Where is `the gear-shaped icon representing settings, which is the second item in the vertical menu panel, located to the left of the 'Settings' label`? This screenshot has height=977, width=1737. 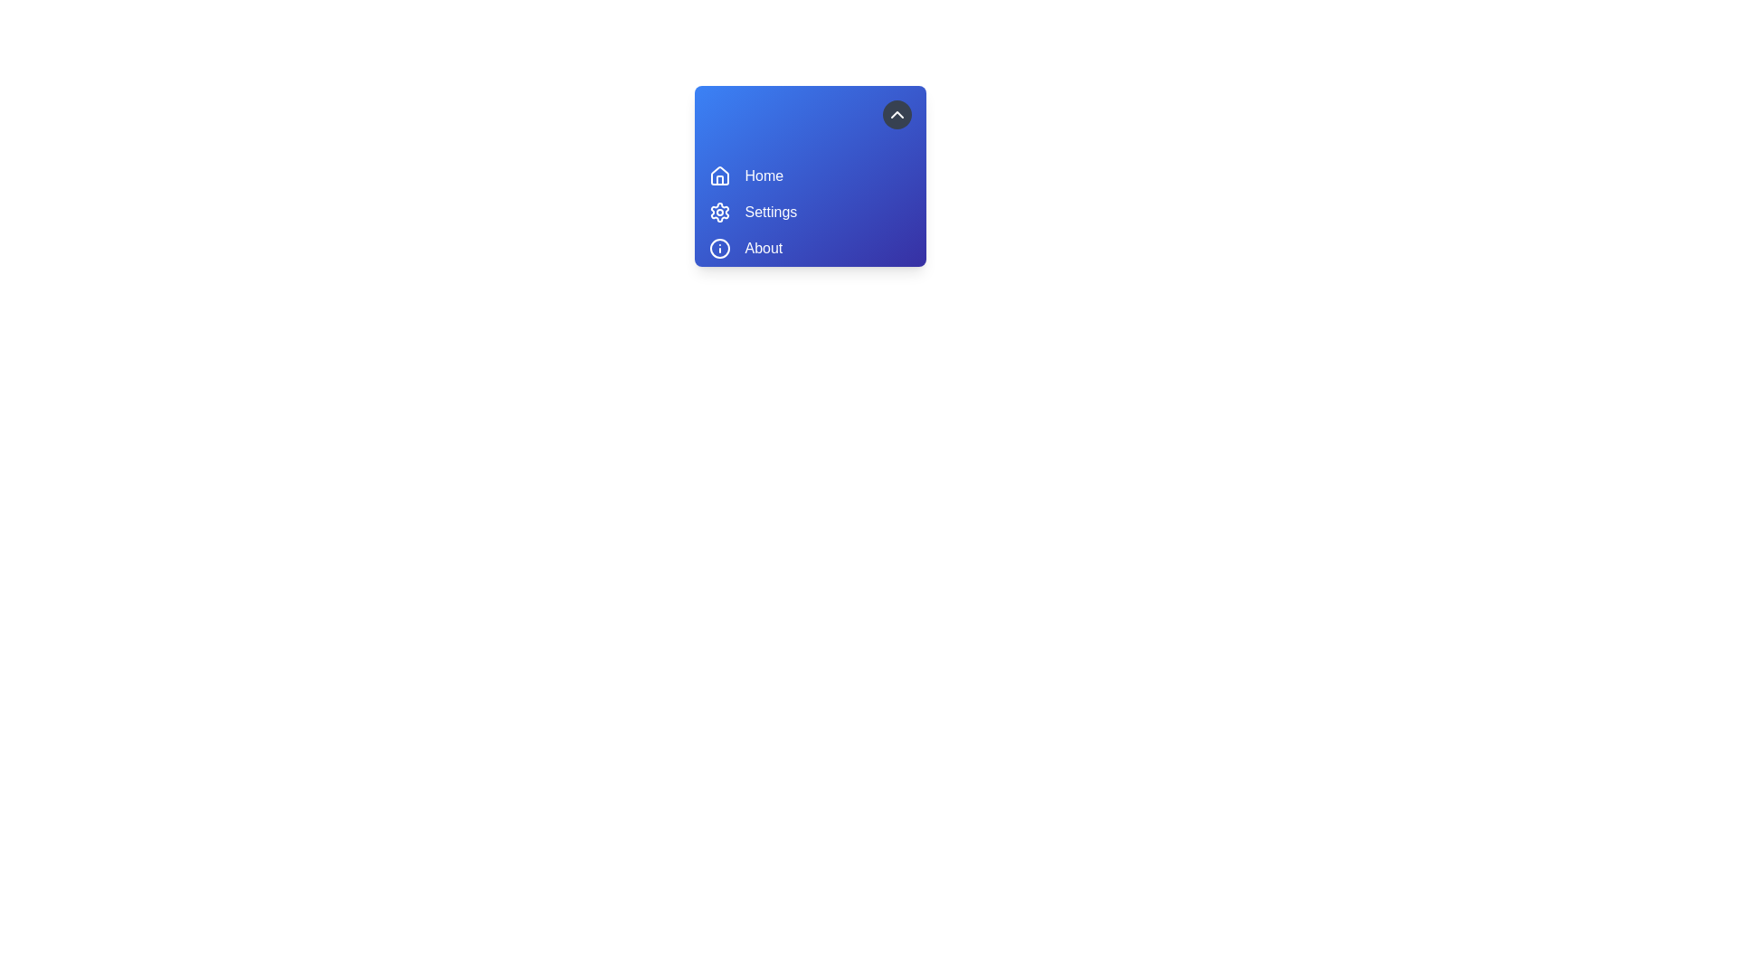 the gear-shaped icon representing settings, which is the second item in the vertical menu panel, located to the left of the 'Settings' label is located at coordinates (718, 212).